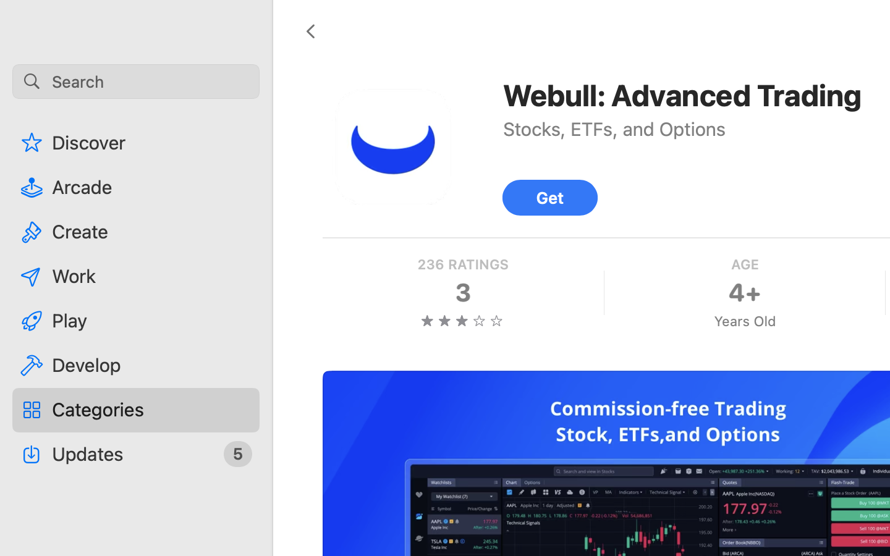  I want to click on 'three stars', so click(462, 320).